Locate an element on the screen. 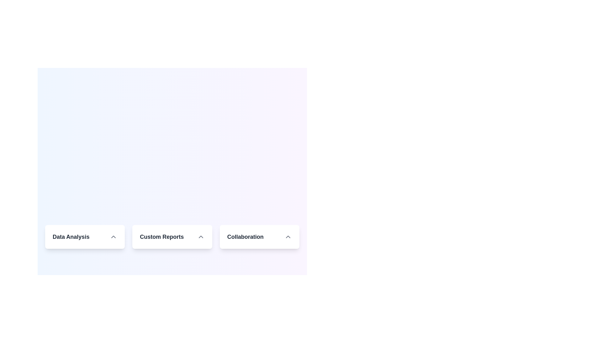  the 'Custom Reports' button, which is a collapsible content panel trigger with an upward chevron icon is located at coordinates (172, 237).